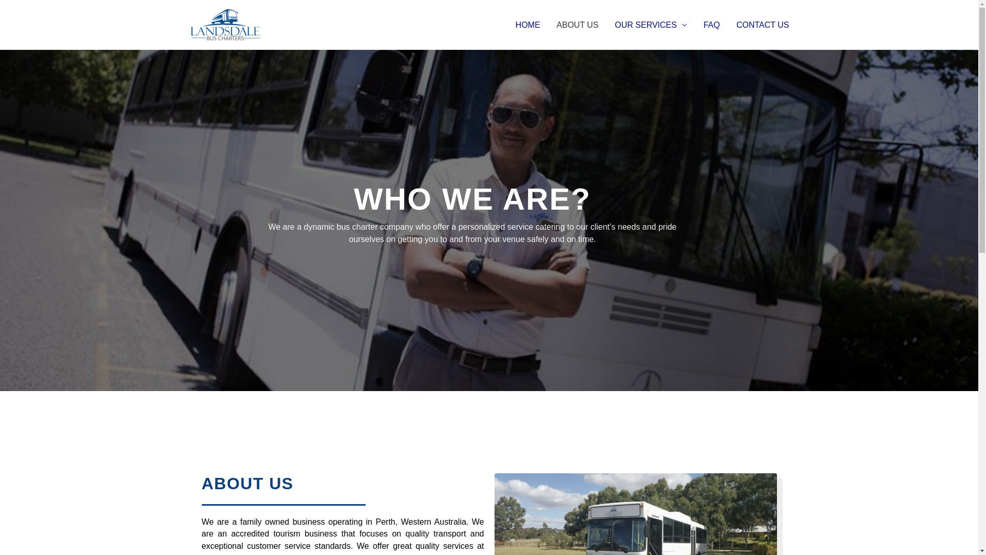  I want to click on 'OUR SERVICES', so click(650, 24).